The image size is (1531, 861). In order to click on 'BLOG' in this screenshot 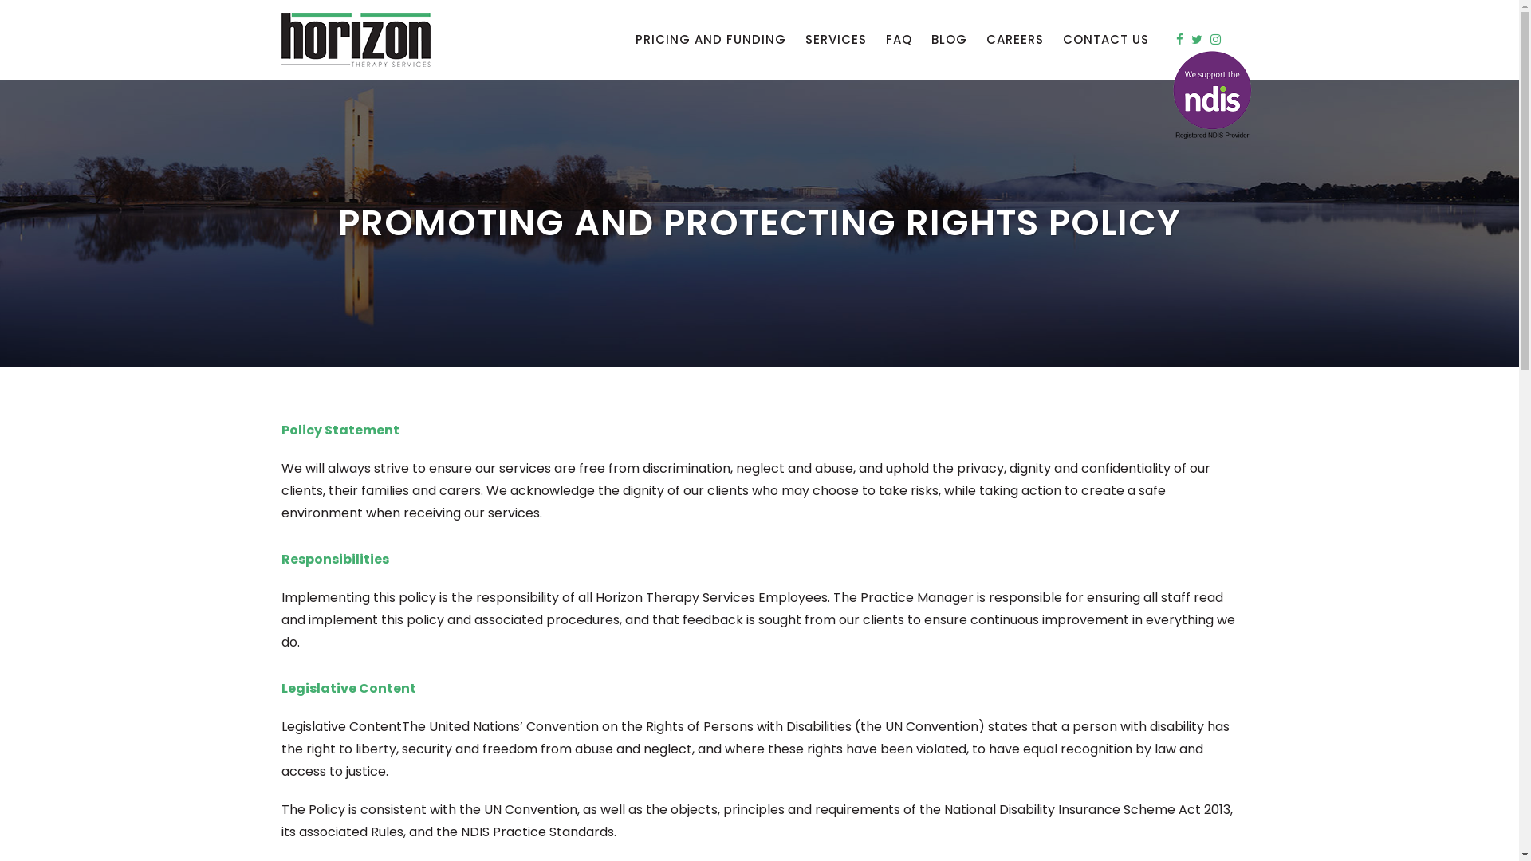, I will do `click(949, 39)`.